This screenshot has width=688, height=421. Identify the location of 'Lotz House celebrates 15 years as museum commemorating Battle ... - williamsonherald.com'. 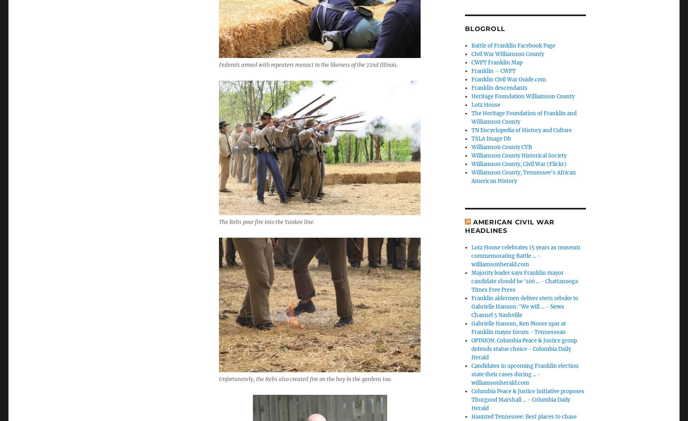
(471, 255).